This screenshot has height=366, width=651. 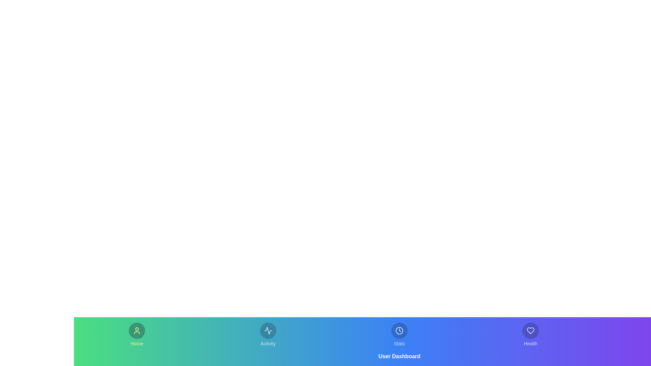 What do you see at coordinates (136, 334) in the screenshot?
I see `the Home tab in the bottom navigation` at bounding box center [136, 334].